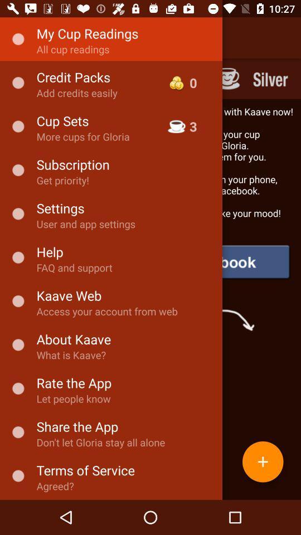 The width and height of the screenshot is (301, 535). Describe the element at coordinates (263, 461) in the screenshot. I see `the add icon` at that location.